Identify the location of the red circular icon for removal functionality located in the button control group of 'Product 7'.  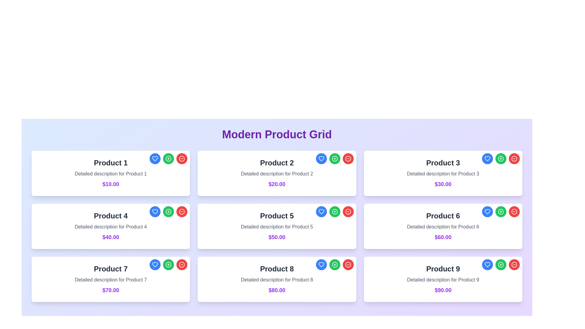
(181, 264).